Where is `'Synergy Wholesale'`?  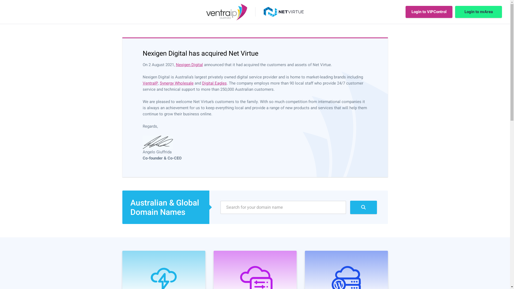 'Synergy Wholesale' is located at coordinates (159, 83).